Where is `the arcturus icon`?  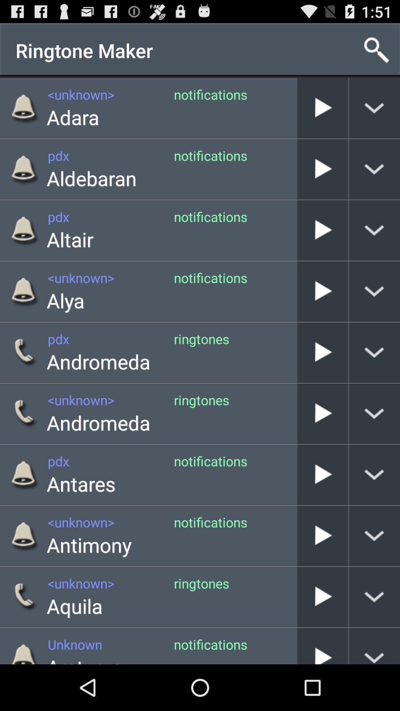
the arcturus icon is located at coordinates (84, 659).